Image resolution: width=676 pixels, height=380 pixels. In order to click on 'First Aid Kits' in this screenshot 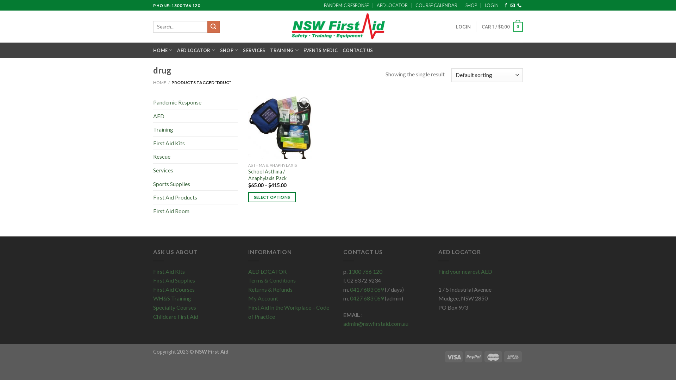, I will do `click(153, 271)`.